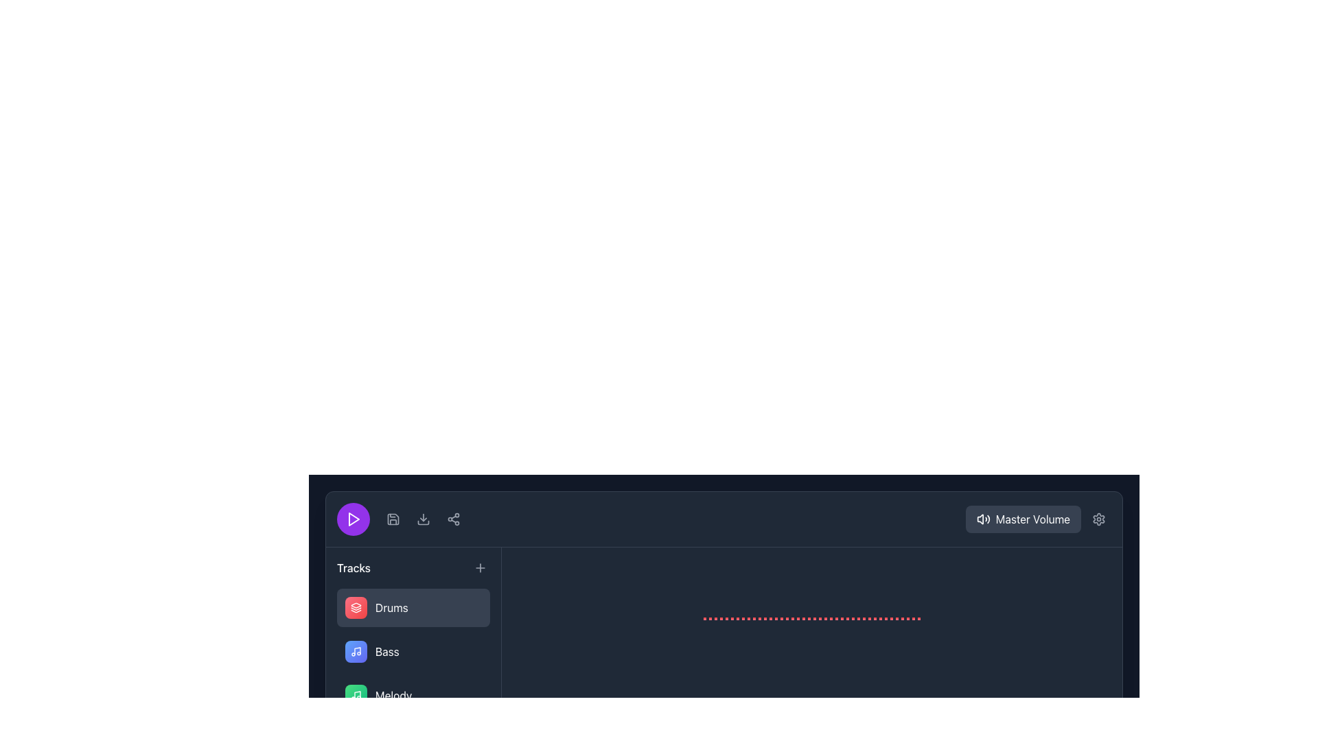 The image size is (1318, 741). What do you see at coordinates (1099, 519) in the screenshot?
I see `the settings icon located in the upper-right corner of the interface, adjacent to the Master Volume button, which allows access to configuration options` at bounding box center [1099, 519].